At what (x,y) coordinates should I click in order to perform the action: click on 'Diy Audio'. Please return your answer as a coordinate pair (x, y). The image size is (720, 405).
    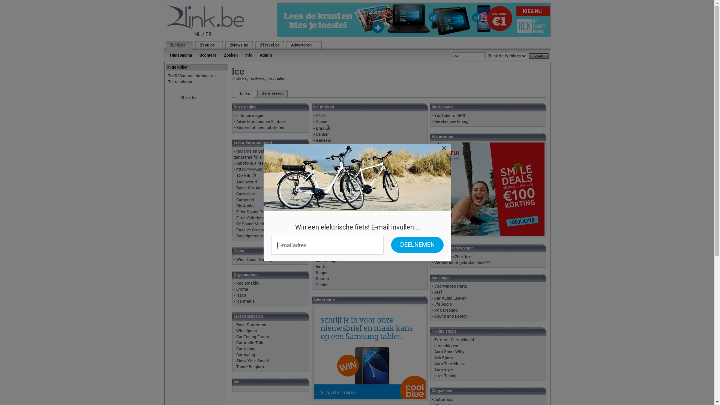
    Looking at the image, I should click on (244, 206).